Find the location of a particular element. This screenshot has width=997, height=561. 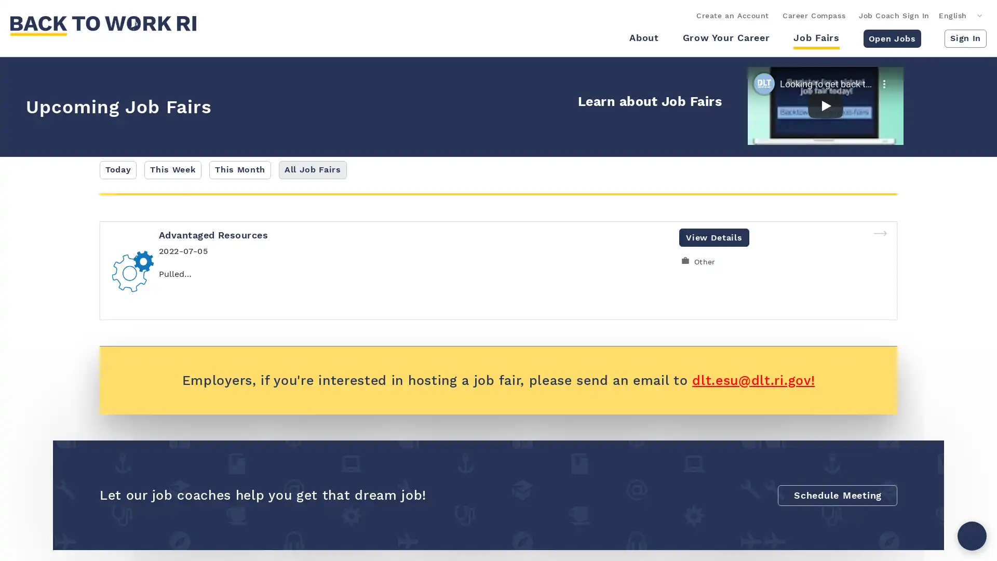

Schedule Meeting is located at coordinates (837, 494).